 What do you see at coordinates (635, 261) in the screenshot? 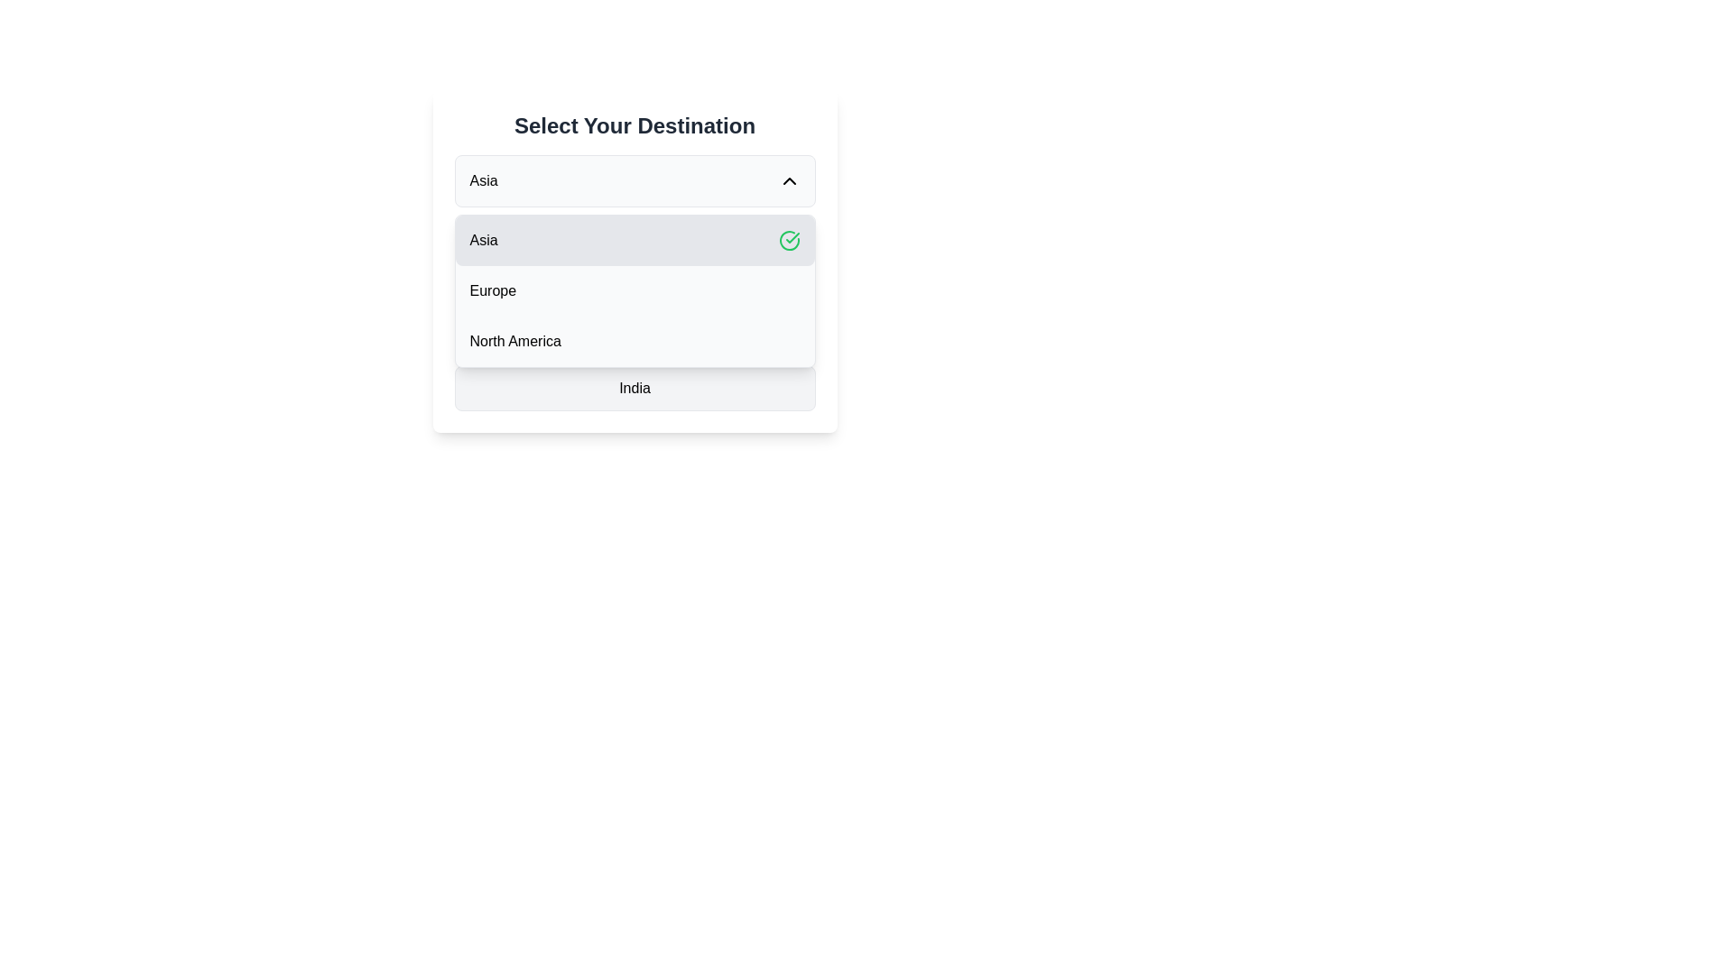
I see `the first selectable item 'Asia' in the dropdown menu` at bounding box center [635, 261].